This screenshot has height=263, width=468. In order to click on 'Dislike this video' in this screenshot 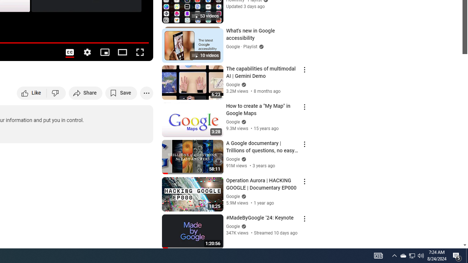, I will do `click(56, 92)`.